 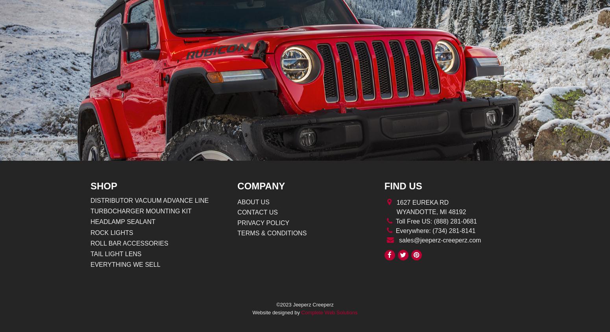 What do you see at coordinates (261, 186) in the screenshot?
I see `'Company'` at bounding box center [261, 186].